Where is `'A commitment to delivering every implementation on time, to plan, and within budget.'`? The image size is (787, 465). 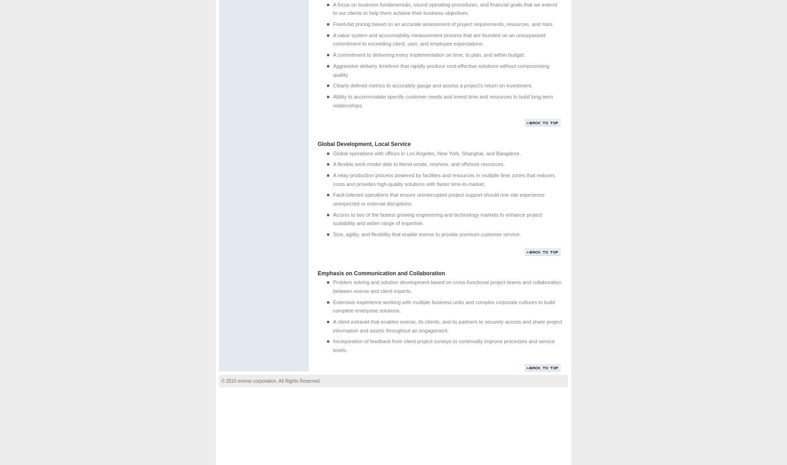 'A commitment to delivering every implementation on time, to plan, and within budget.' is located at coordinates (333, 54).